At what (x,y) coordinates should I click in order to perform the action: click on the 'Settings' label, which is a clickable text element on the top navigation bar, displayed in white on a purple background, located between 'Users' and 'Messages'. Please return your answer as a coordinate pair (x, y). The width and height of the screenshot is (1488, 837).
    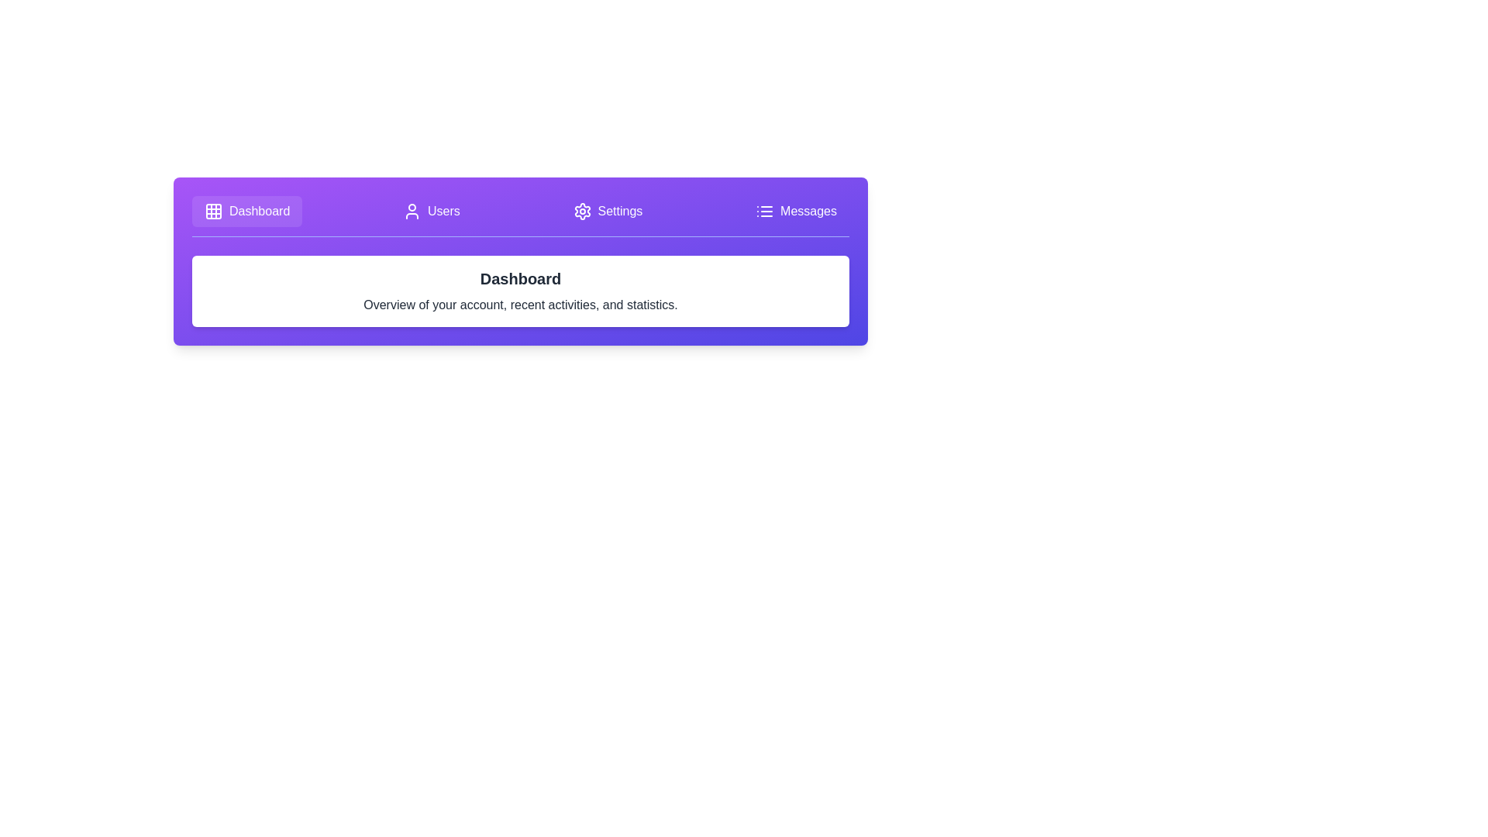
    Looking at the image, I should click on (620, 212).